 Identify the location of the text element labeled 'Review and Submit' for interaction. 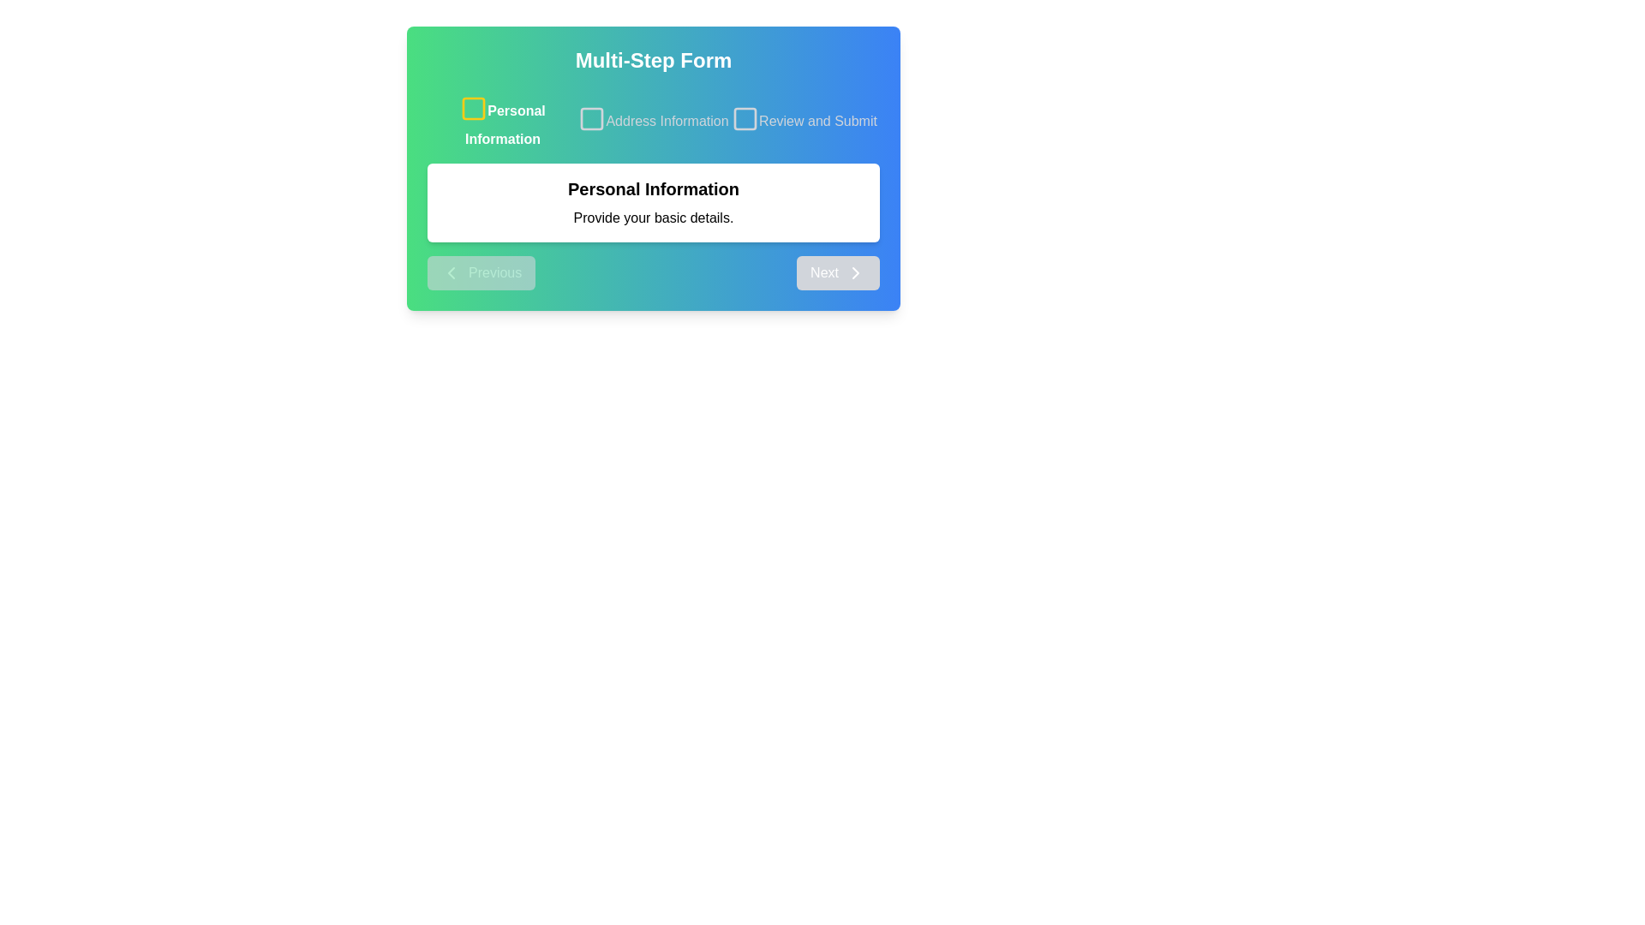
(804, 121).